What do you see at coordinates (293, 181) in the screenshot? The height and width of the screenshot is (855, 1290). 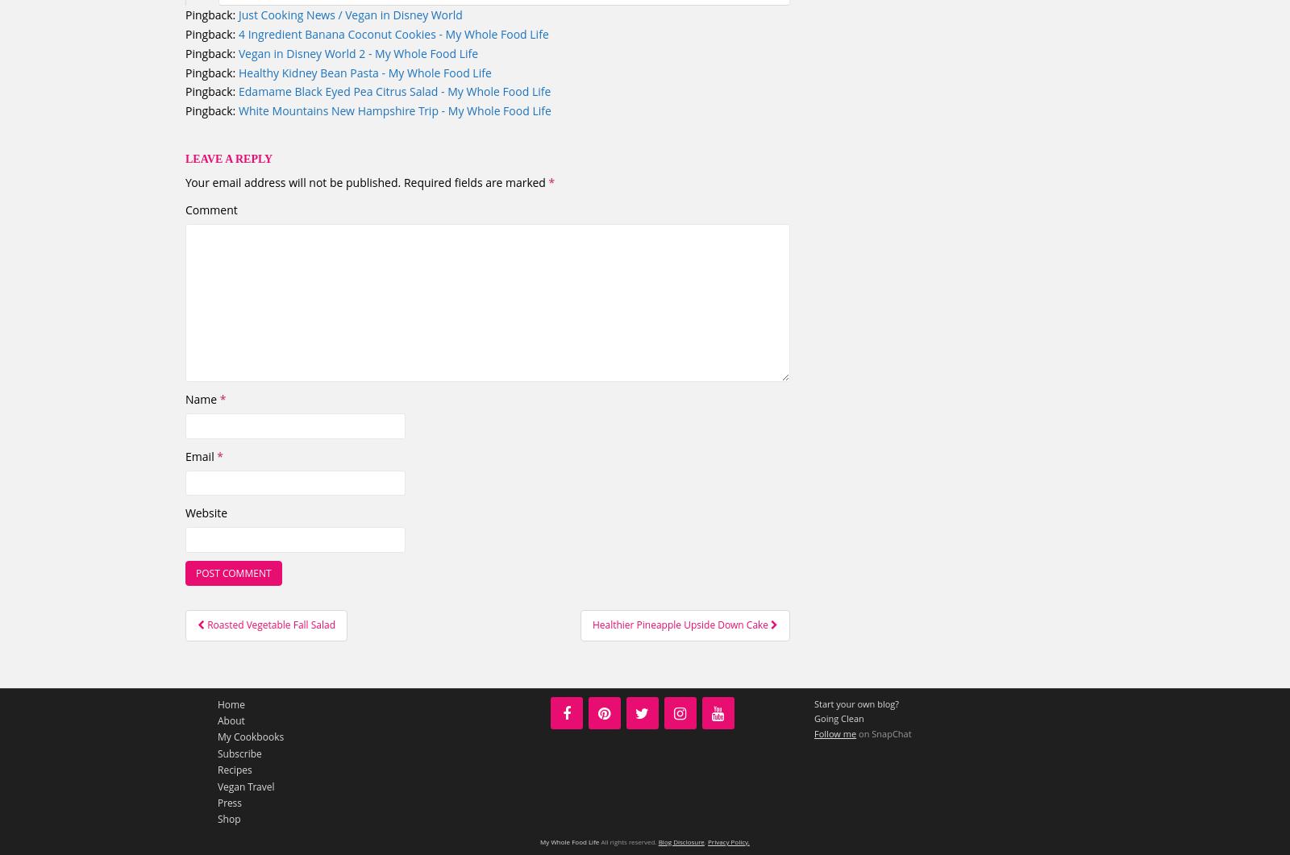 I see `'Your email address will not be published.'` at bounding box center [293, 181].